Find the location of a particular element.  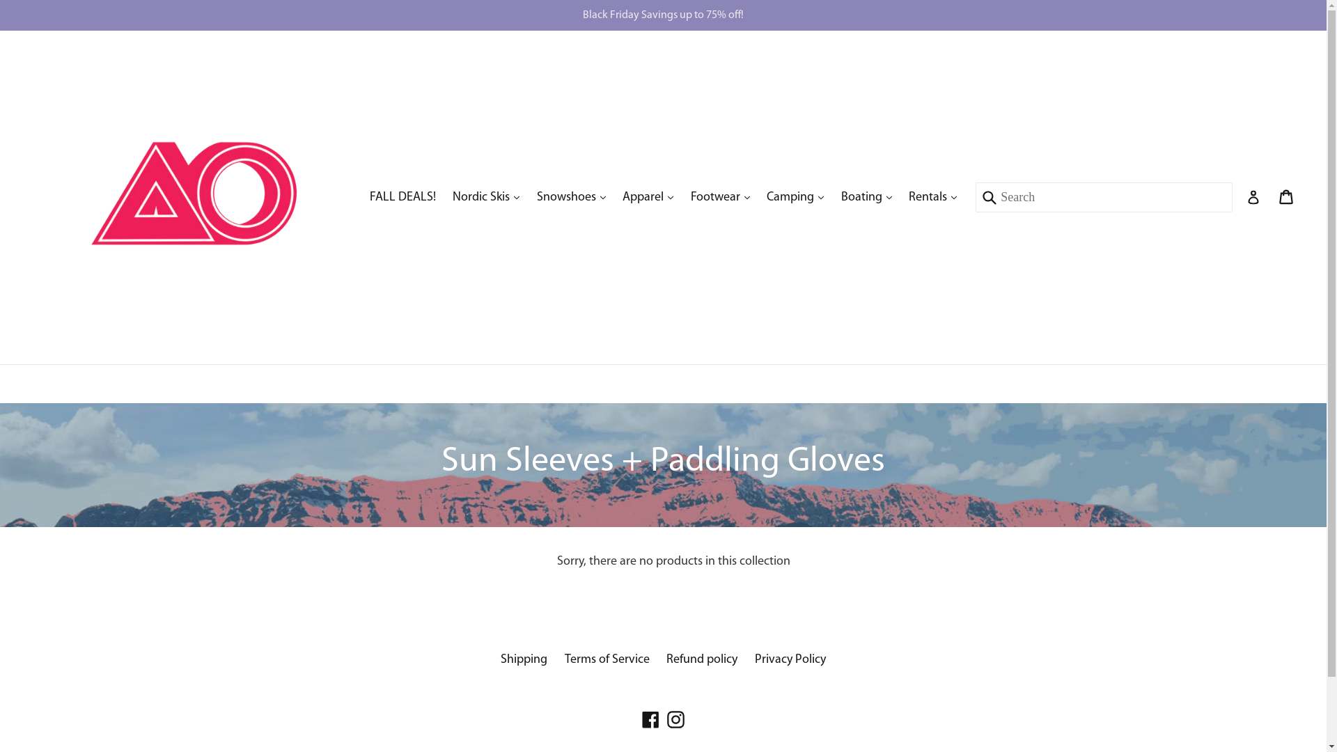

'Facebook' is located at coordinates (639, 719).